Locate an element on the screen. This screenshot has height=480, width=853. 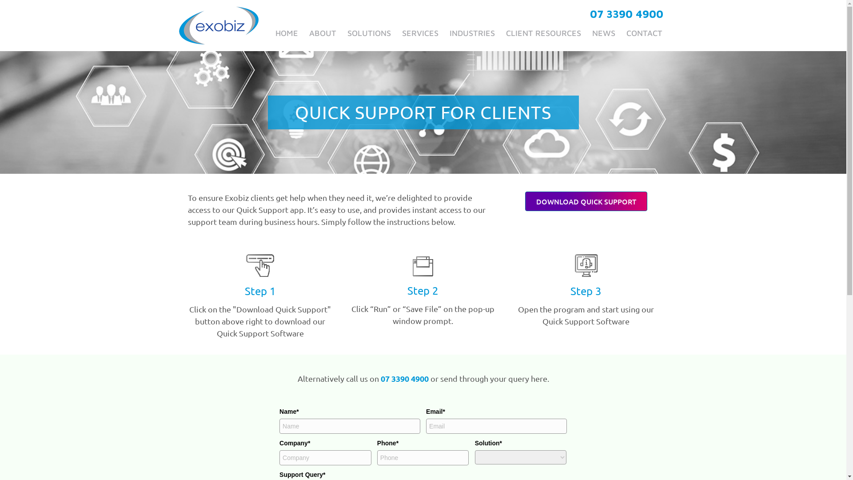
'icn-run-save-file-bw' is located at coordinates (412, 266).